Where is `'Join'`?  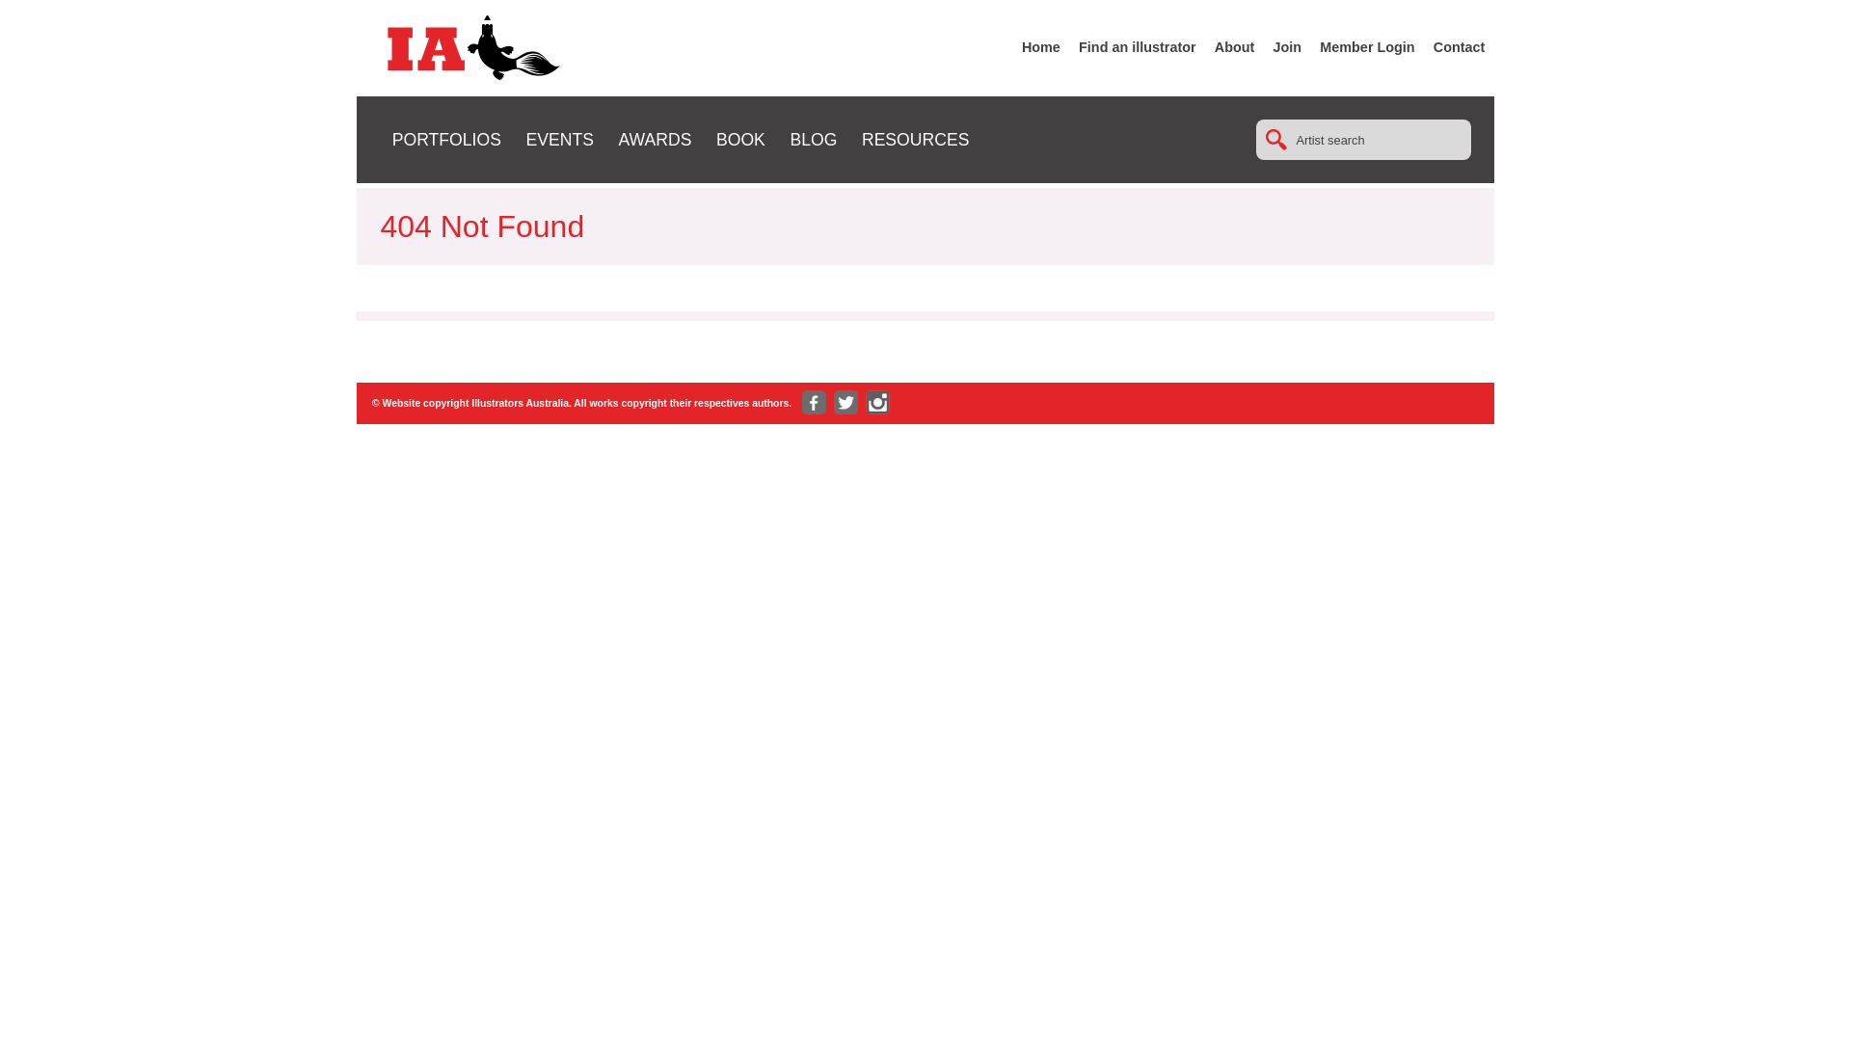 'Join' is located at coordinates (1287, 46).